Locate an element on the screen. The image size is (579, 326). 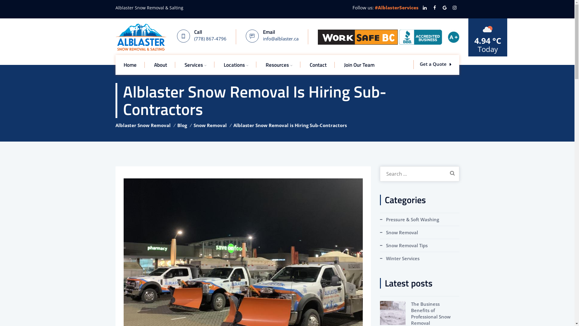
'About' is located at coordinates (160, 65).